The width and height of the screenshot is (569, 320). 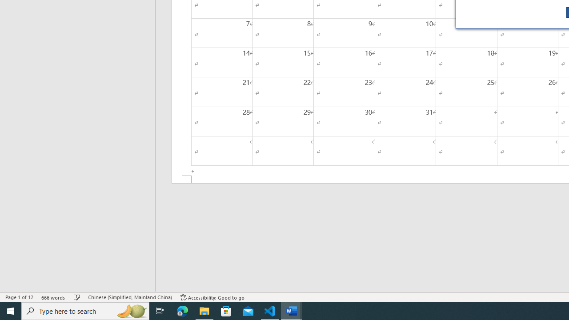 What do you see at coordinates (129, 297) in the screenshot?
I see `'Language Chinese (Simplified, Mainland China)'` at bounding box center [129, 297].